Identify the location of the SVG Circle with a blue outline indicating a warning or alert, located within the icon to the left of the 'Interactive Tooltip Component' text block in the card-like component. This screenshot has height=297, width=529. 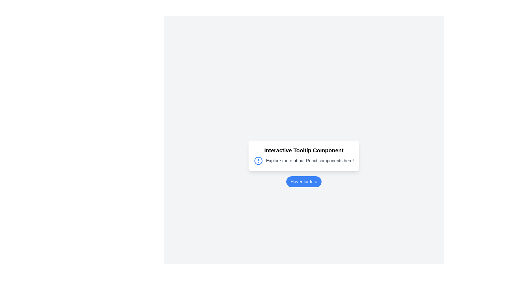
(258, 161).